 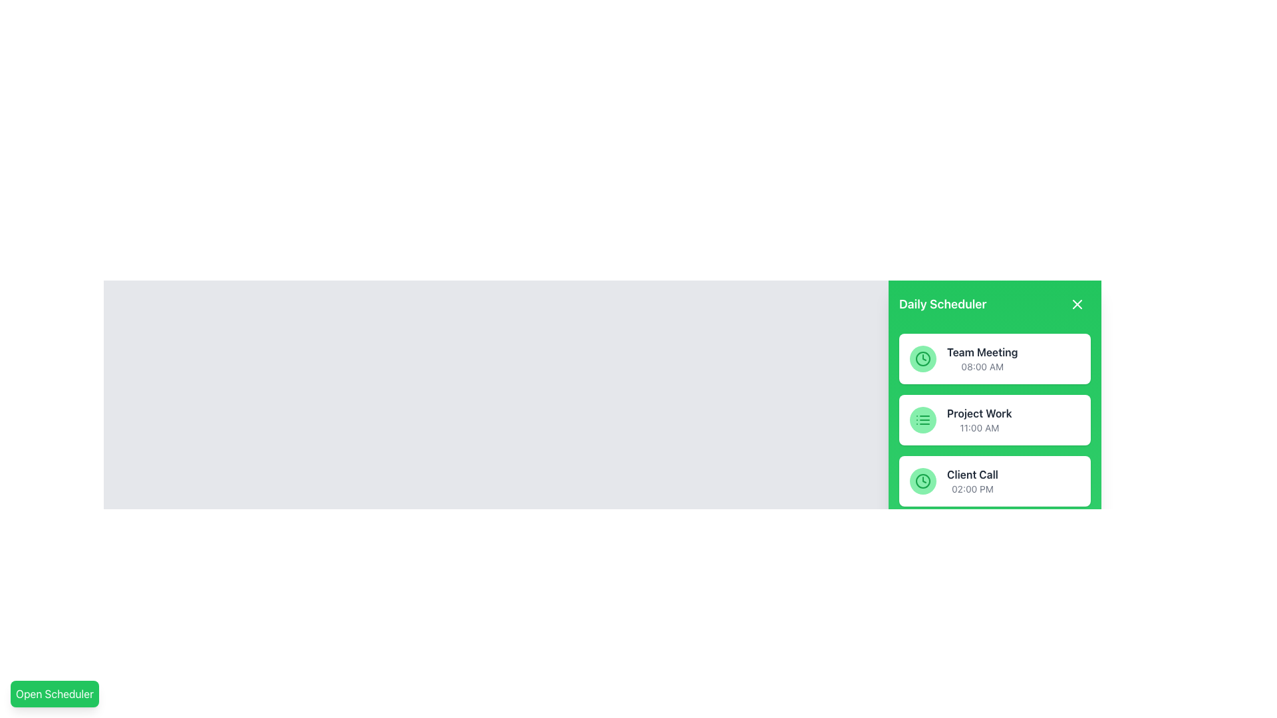 What do you see at coordinates (972, 473) in the screenshot?
I see `the text label that displays the title 'Client Call' located in the green sidebar under the 'Daily Scheduler' section, above the timestamp '02:00 PM'` at bounding box center [972, 473].